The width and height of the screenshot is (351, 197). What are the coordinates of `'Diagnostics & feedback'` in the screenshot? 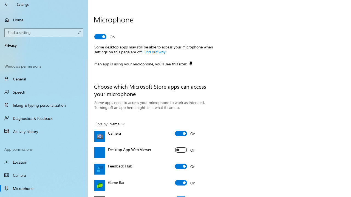 It's located at (44, 118).